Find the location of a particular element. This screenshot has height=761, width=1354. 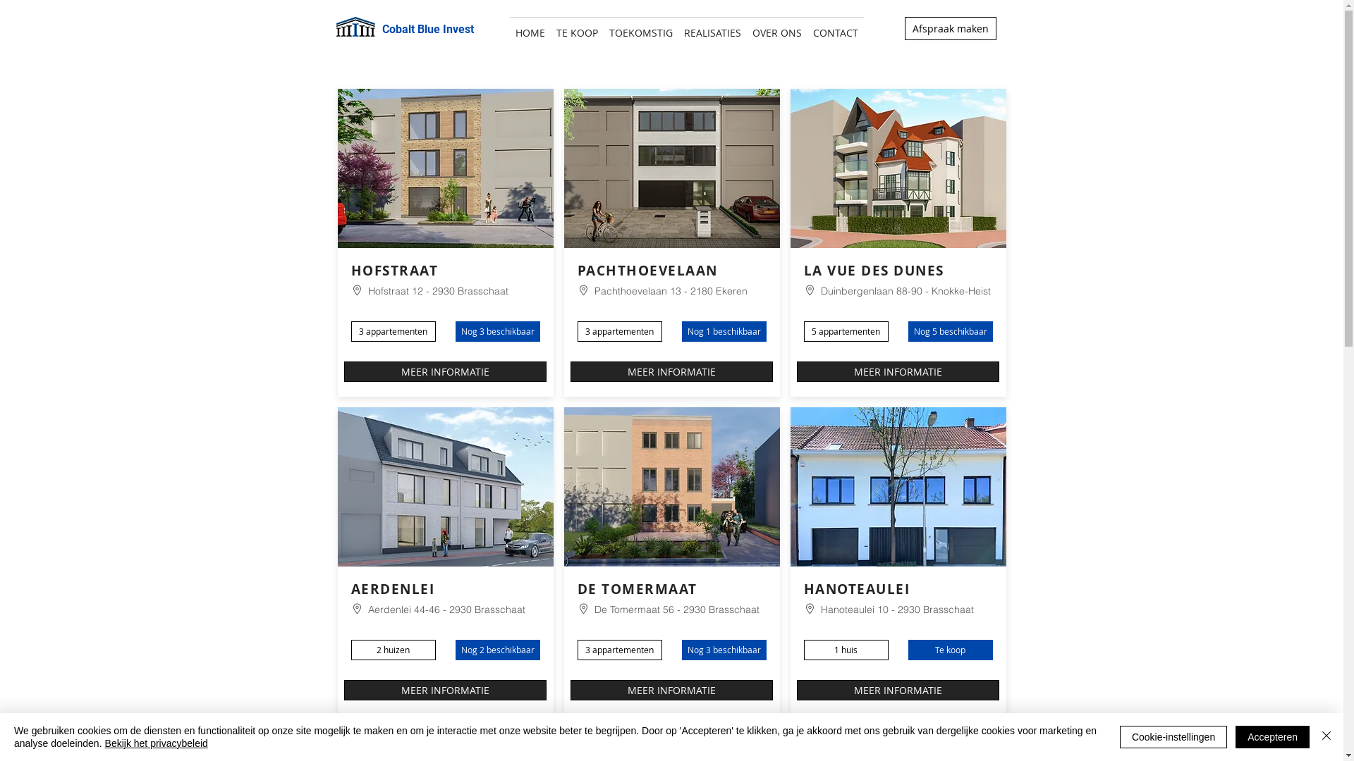

'Afspraak maken' is located at coordinates (950, 28).